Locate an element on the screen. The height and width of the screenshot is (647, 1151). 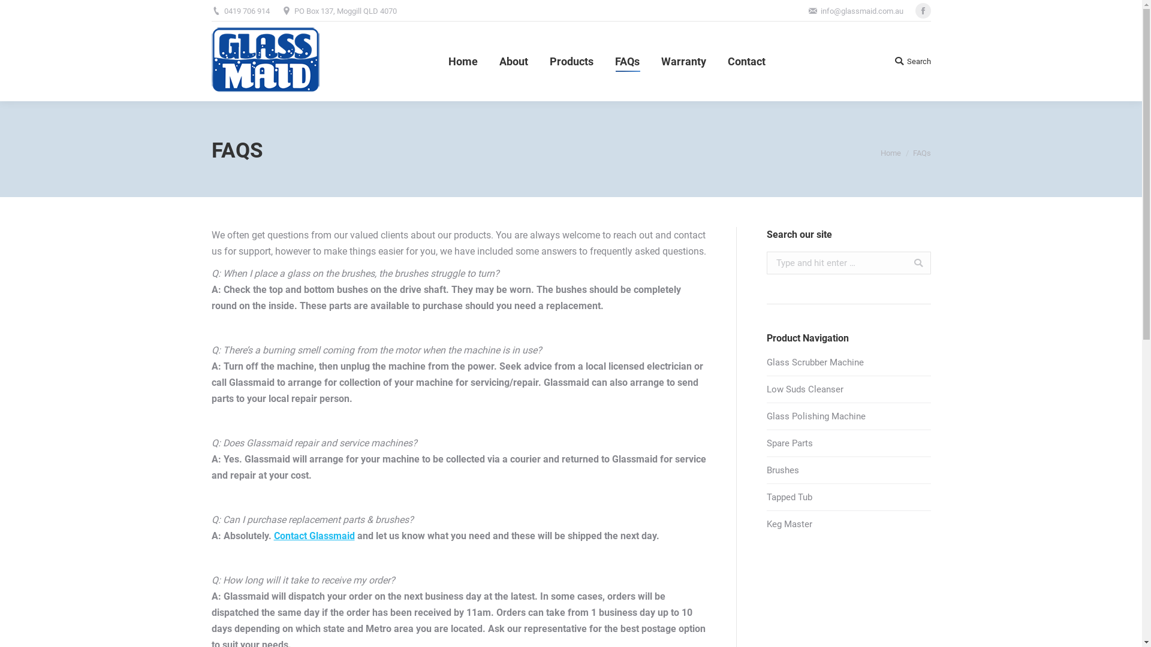
'Contact Glassmaid' is located at coordinates (314, 535).